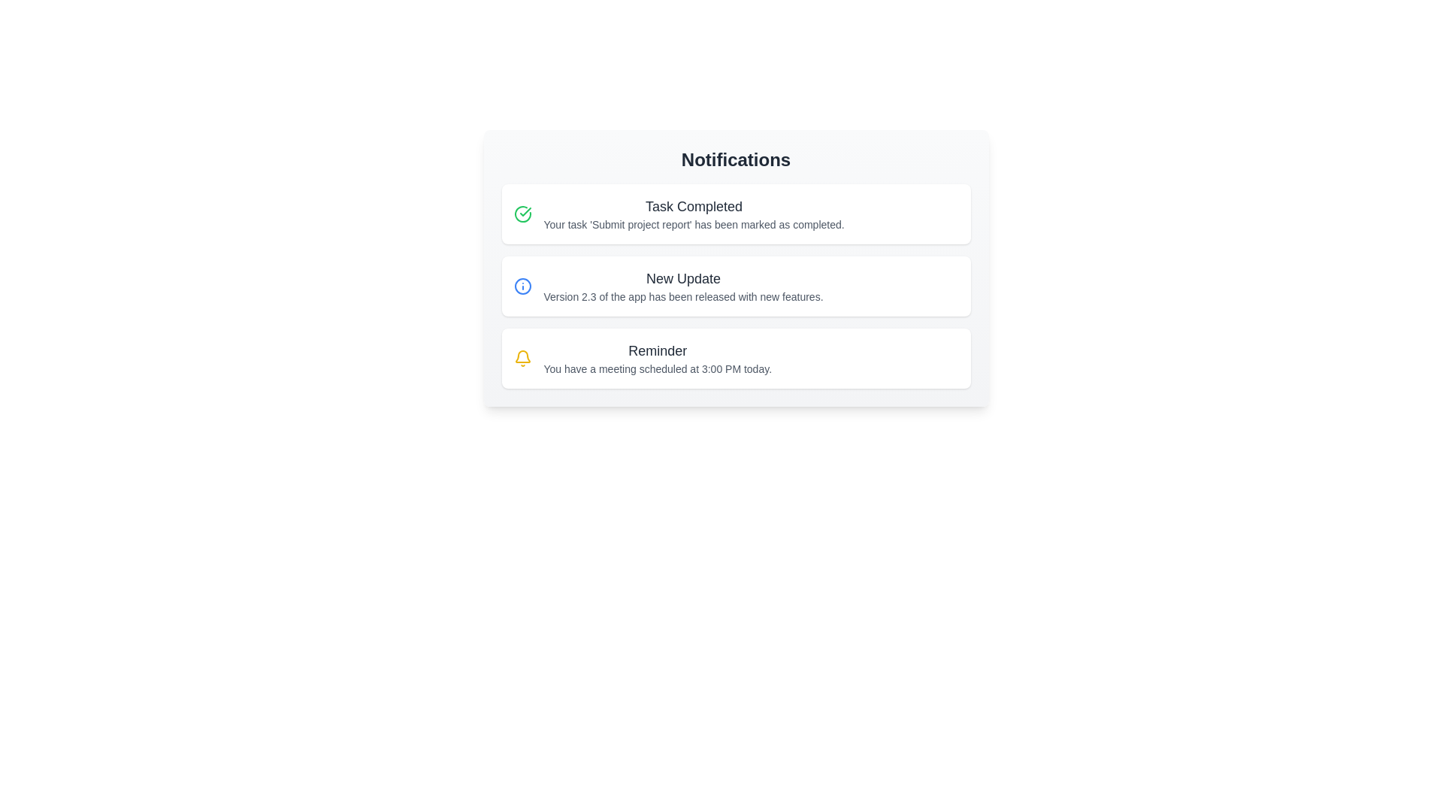 The image size is (1443, 812). Describe the element at coordinates (736, 214) in the screenshot. I see `the notification with title Task Completed` at that location.